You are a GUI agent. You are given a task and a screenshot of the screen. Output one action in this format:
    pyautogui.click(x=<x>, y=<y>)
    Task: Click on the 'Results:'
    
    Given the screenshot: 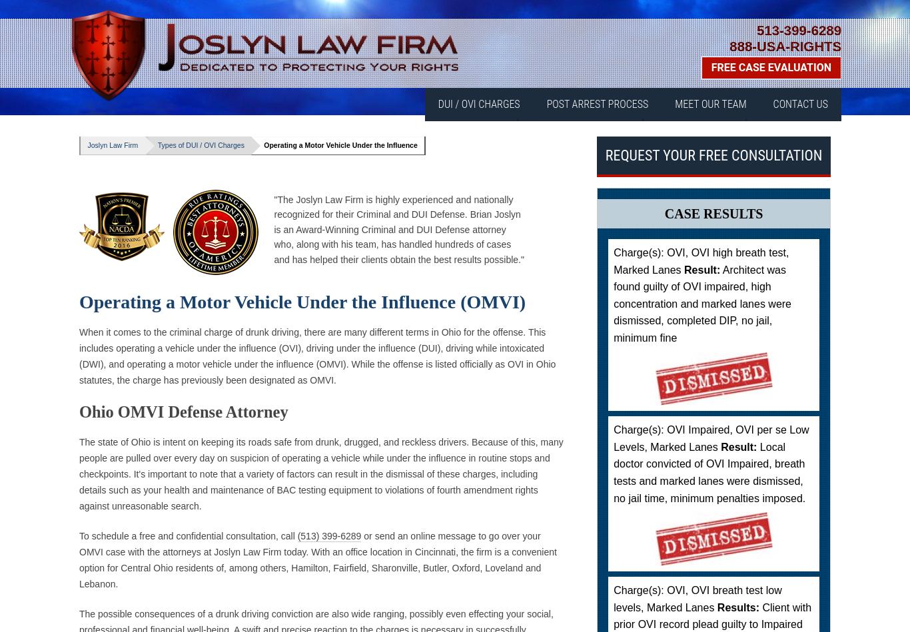 What is the action you would take?
    pyautogui.click(x=737, y=606)
    